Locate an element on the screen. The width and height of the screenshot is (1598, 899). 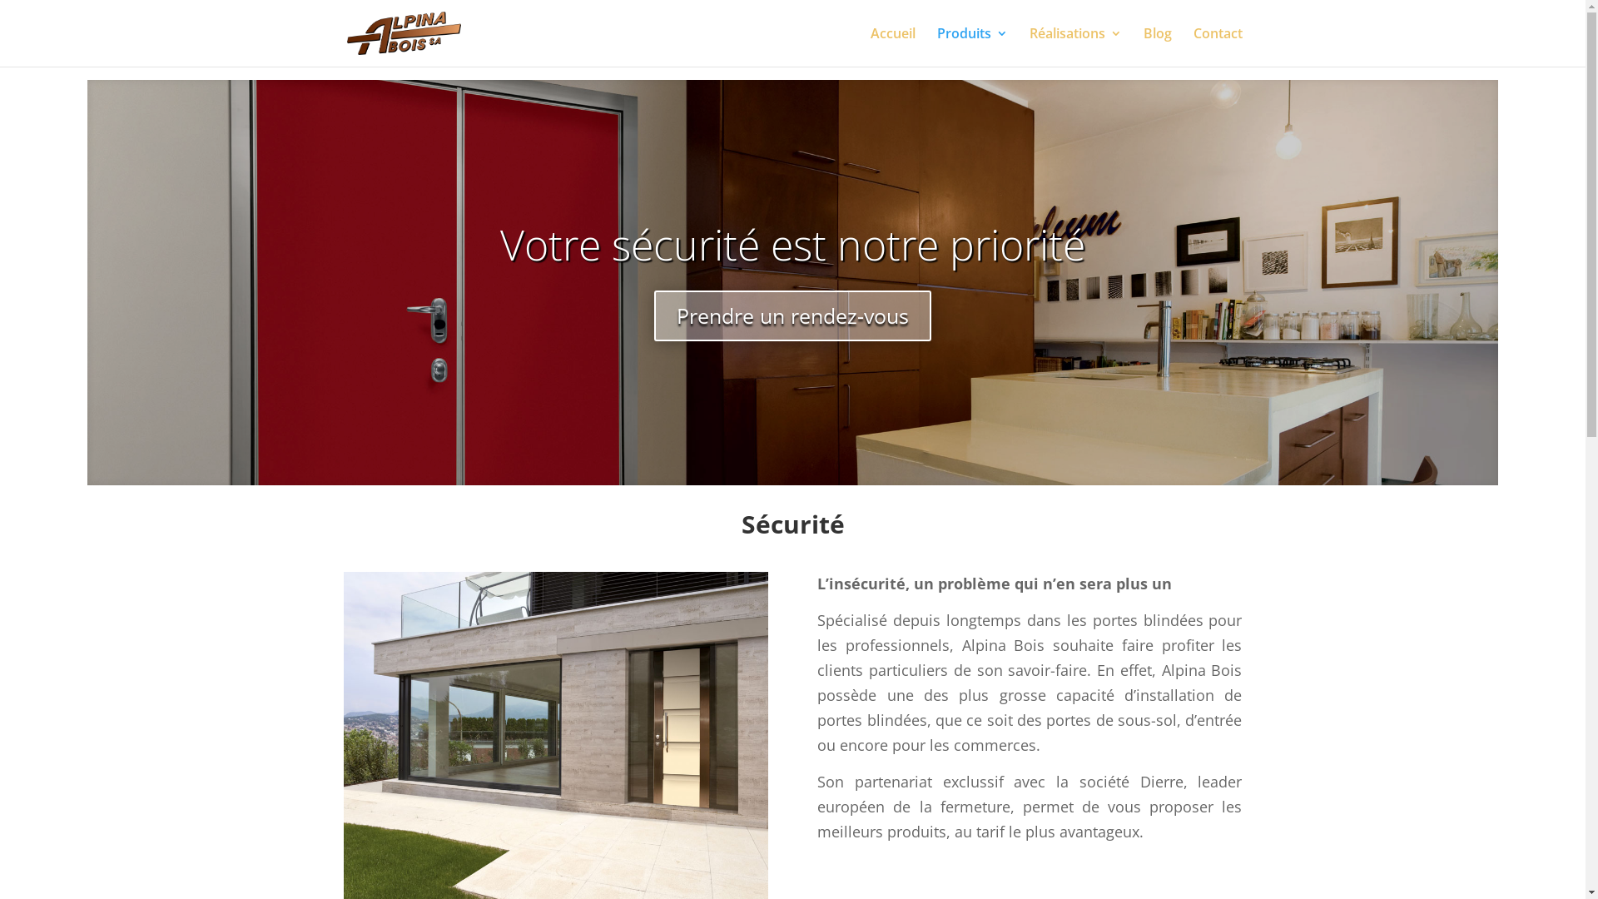
'Produits' is located at coordinates (972, 46).